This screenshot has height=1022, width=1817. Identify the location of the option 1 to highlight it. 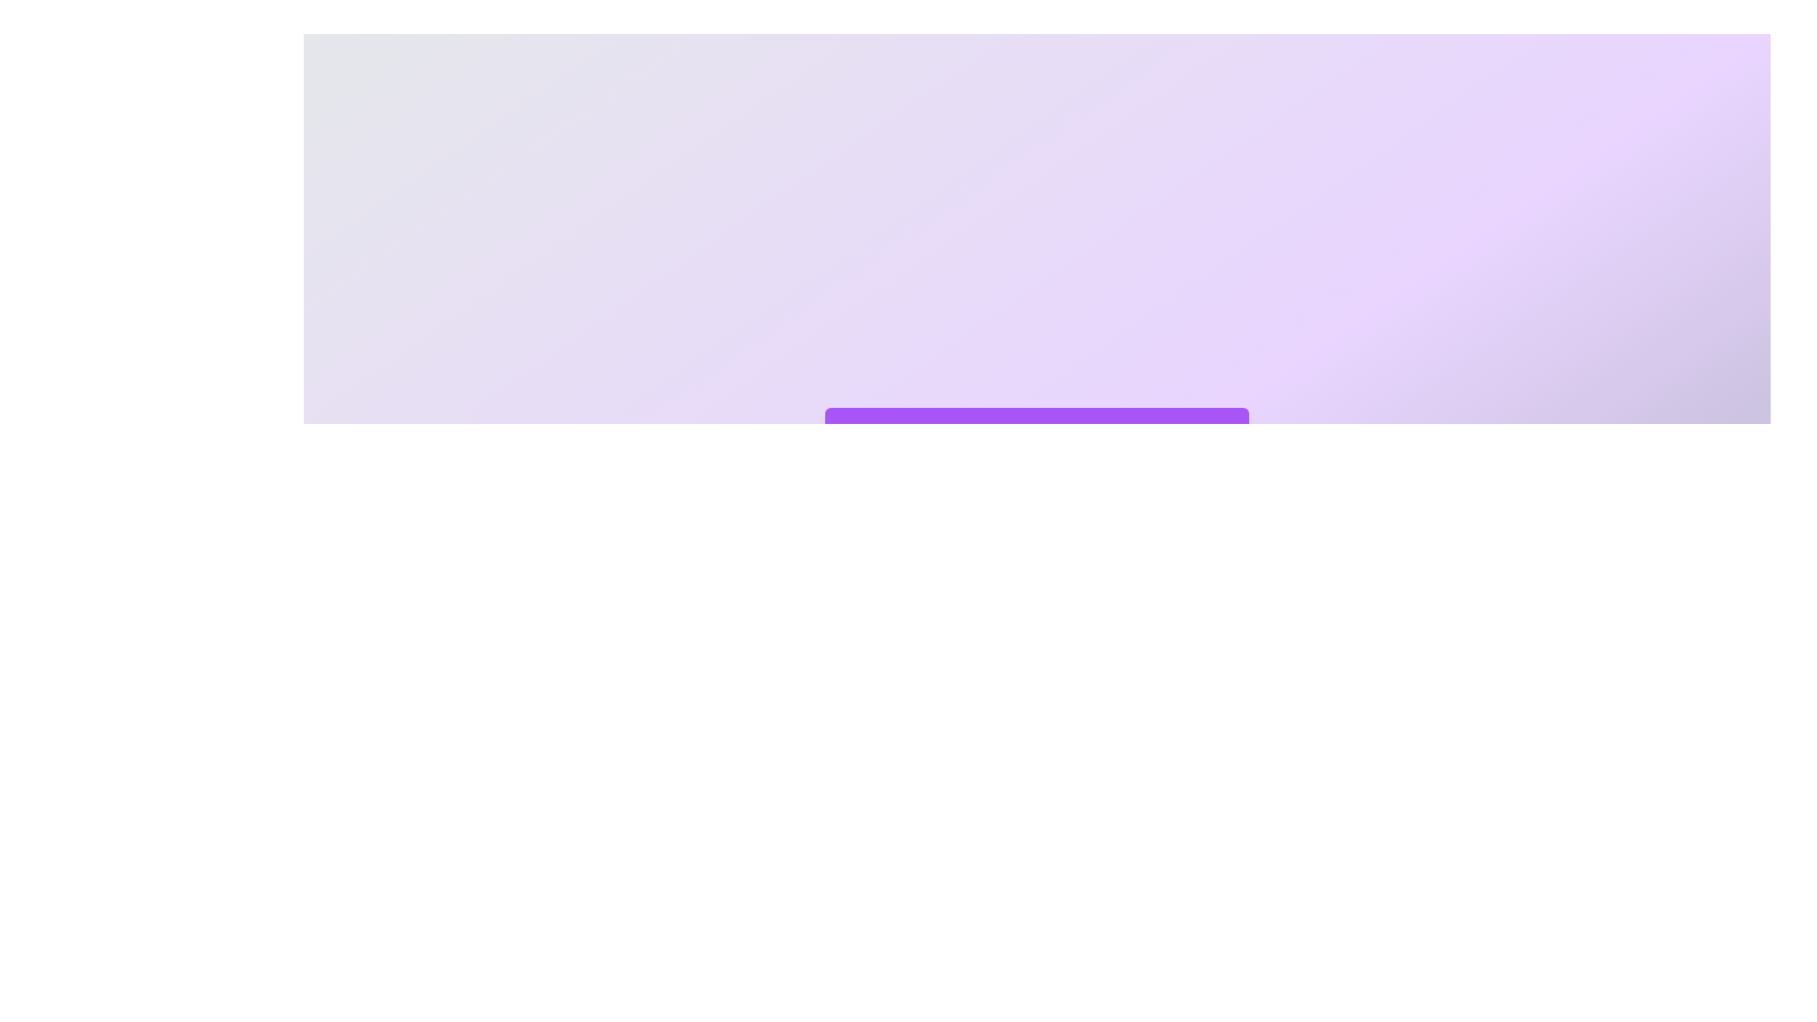
(1035, 499).